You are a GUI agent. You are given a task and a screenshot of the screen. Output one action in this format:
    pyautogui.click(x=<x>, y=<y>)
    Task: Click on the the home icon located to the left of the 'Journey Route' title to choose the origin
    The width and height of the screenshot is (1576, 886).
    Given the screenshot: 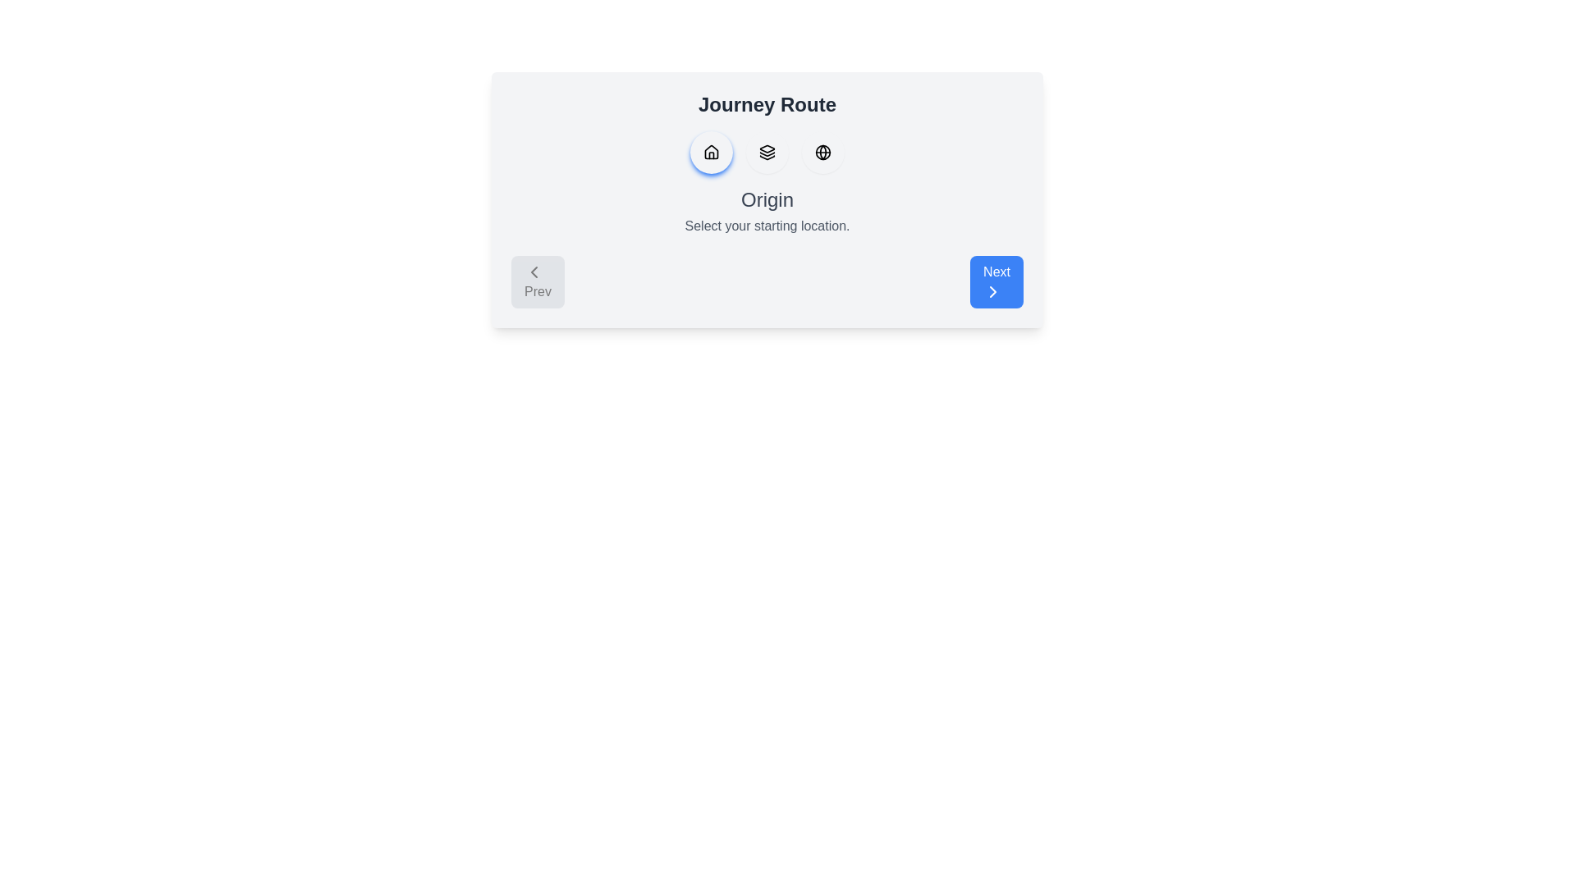 What is the action you would take?
    pyautogui.click(x=712, y=152)
    